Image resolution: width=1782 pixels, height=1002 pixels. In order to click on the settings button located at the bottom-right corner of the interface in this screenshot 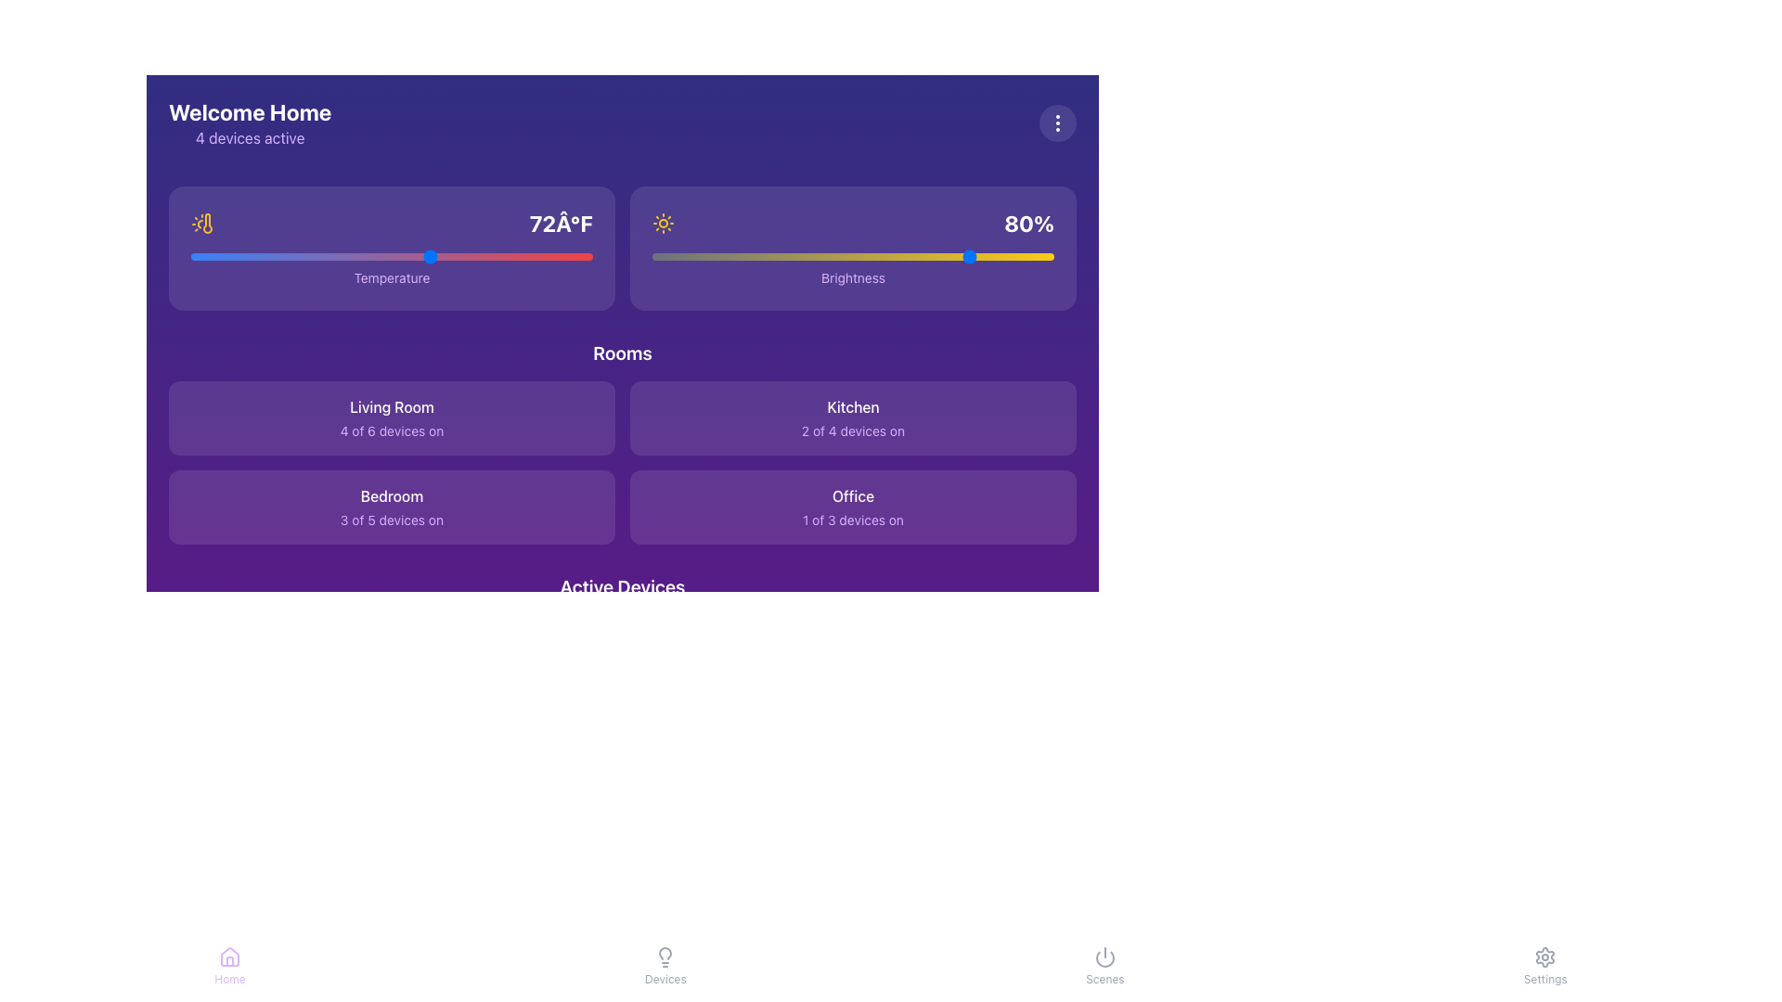, I will do `click(1545, 965)`.